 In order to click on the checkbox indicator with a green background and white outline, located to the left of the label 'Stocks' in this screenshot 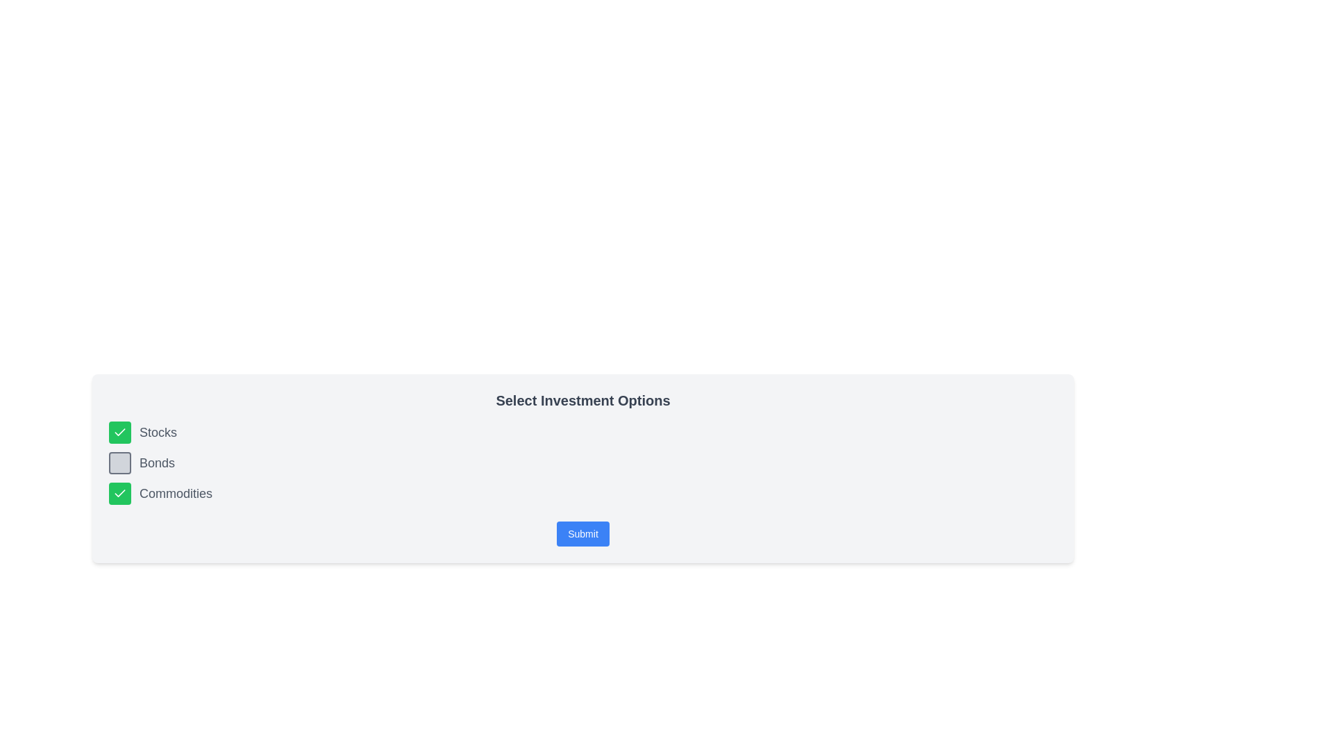, I will do `click(119, 432)`.